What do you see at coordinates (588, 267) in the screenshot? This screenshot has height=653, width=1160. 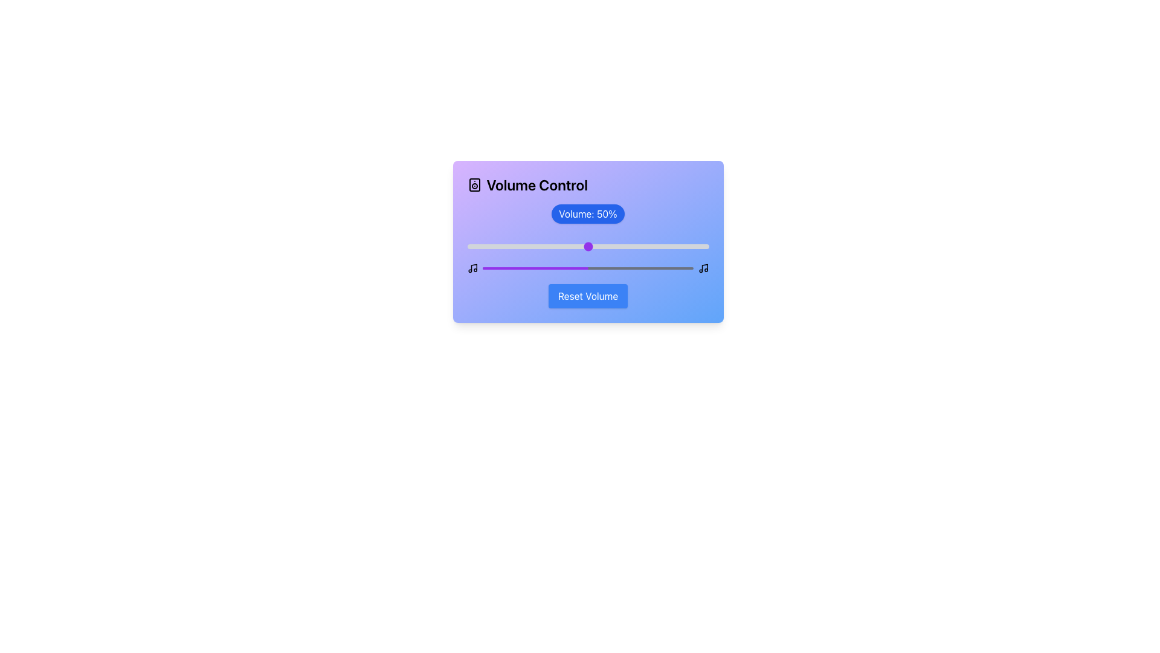 I see `the progress bar that visually represents the current volume level, which is centered horizontally within a volume control card and spans between two musical note icons` at bounding box center [588, 267].